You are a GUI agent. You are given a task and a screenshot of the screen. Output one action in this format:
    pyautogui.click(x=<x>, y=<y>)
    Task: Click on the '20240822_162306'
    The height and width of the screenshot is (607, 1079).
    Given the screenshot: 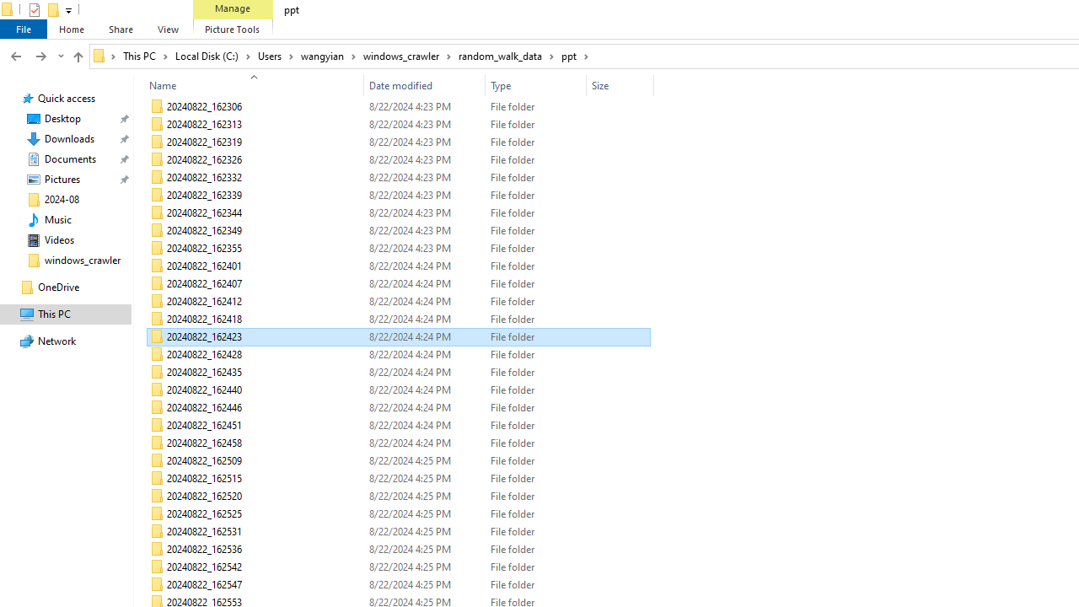 What is the action you would take?
    pyautogui.click(x=397, y=107)
    